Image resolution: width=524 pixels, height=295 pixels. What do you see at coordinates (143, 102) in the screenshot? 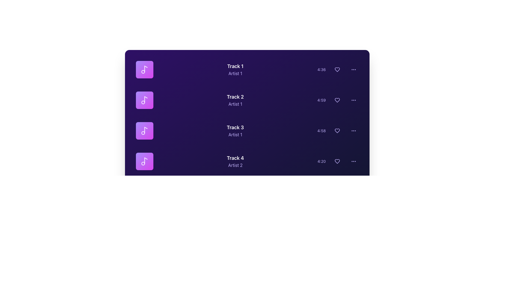
I see `the decorative circle representing part of the musical note icon for 'Track 2' in the vertically stacked list of tracks` at bounding box center [143, 102].